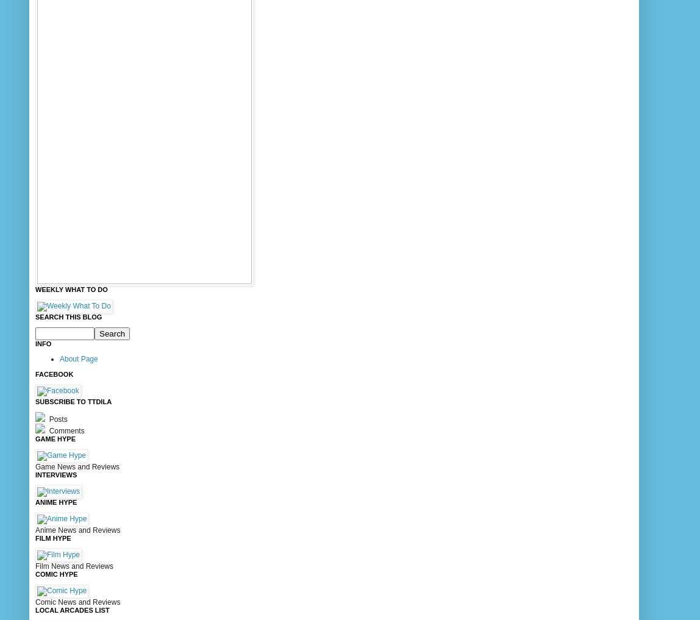 This screenshot has width=700, height=620. I want to click on 'Comments', so click(65, 430).